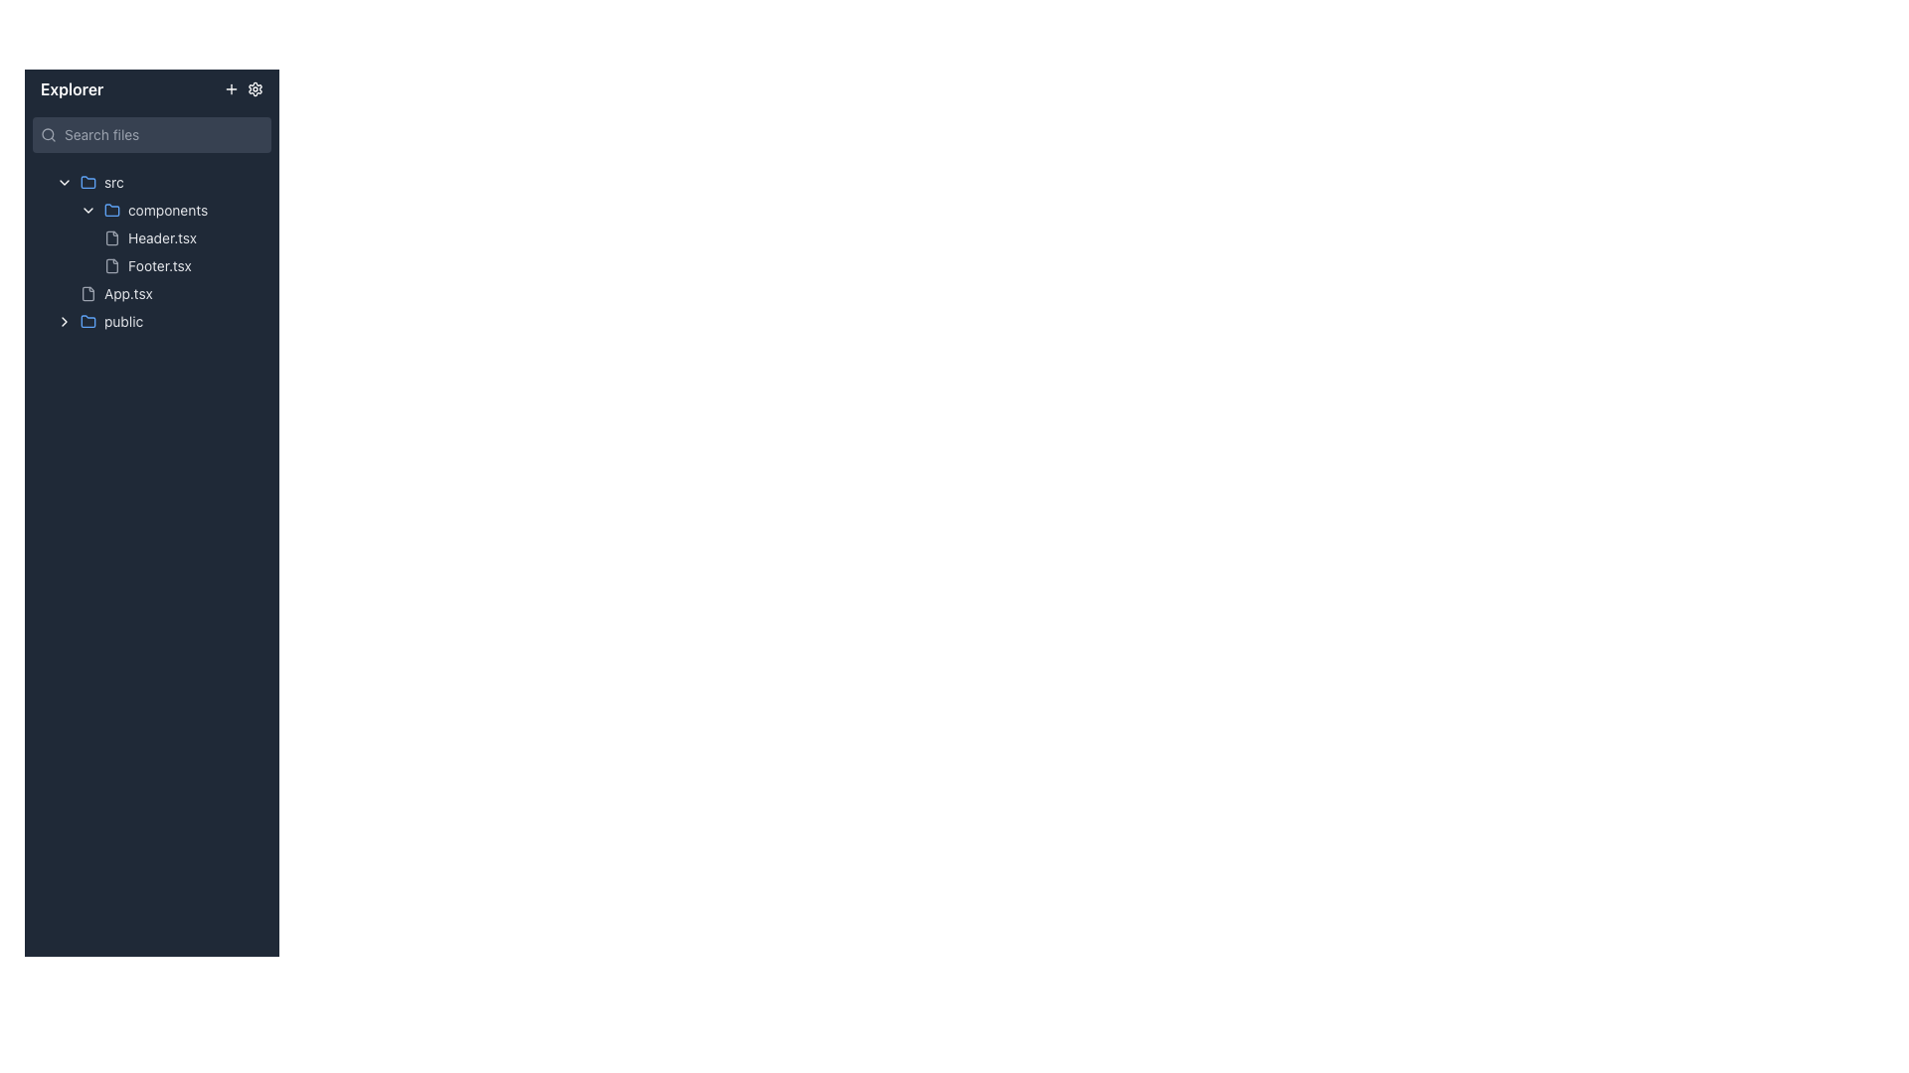 This screenshot has width=1909, height=1073. I want to click on the leading icon representing the 'Header.tsx' file, which is positioned to the leftmost part of the section, before the text label 'Header.tsx', so click(111, 236).